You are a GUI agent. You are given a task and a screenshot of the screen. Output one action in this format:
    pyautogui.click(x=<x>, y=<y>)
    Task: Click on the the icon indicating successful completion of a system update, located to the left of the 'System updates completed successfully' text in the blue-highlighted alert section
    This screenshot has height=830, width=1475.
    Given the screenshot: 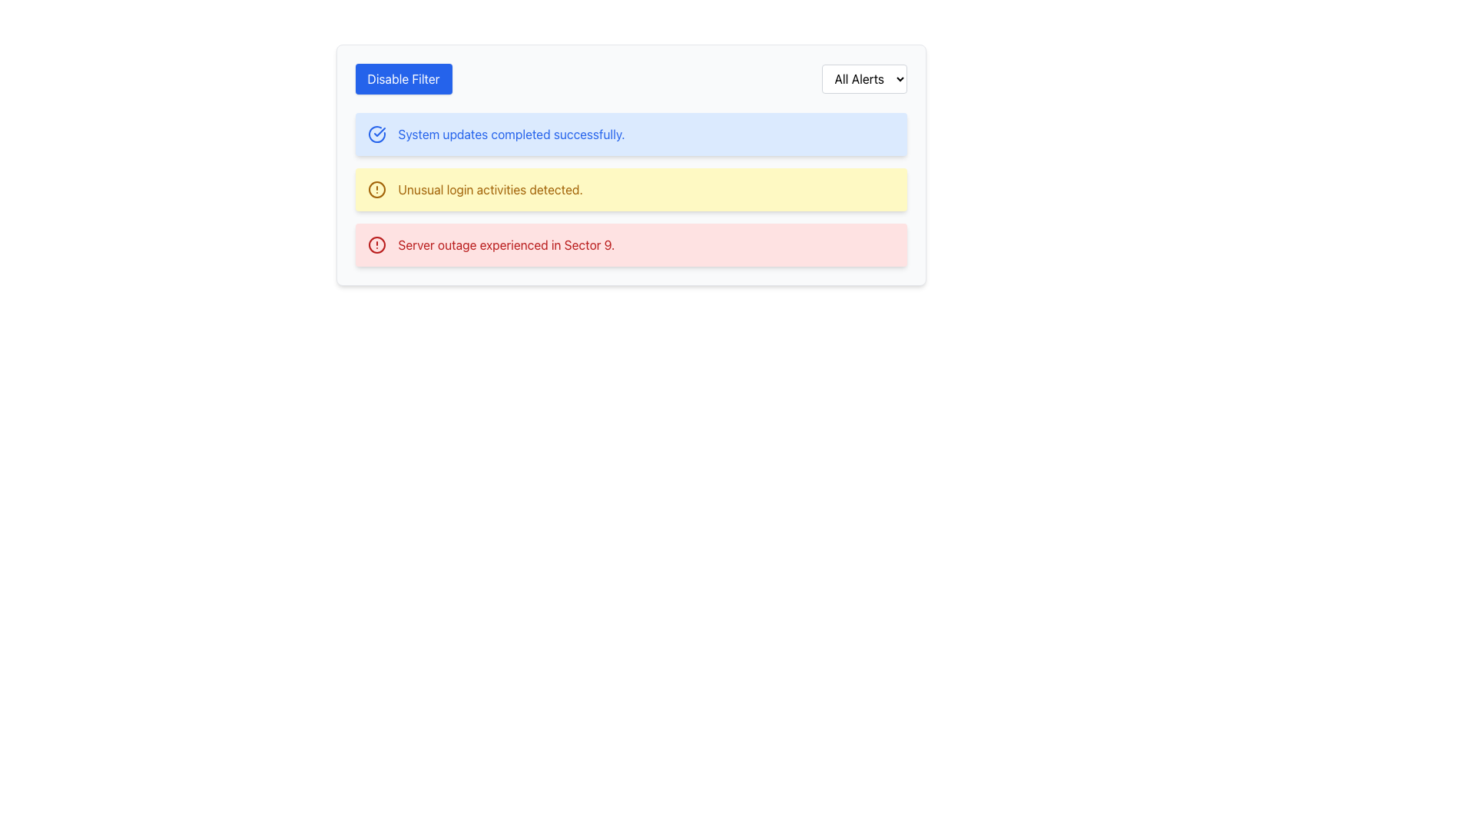 What is the action you would take?
    pyautogui.click(x=376, y=133)
    